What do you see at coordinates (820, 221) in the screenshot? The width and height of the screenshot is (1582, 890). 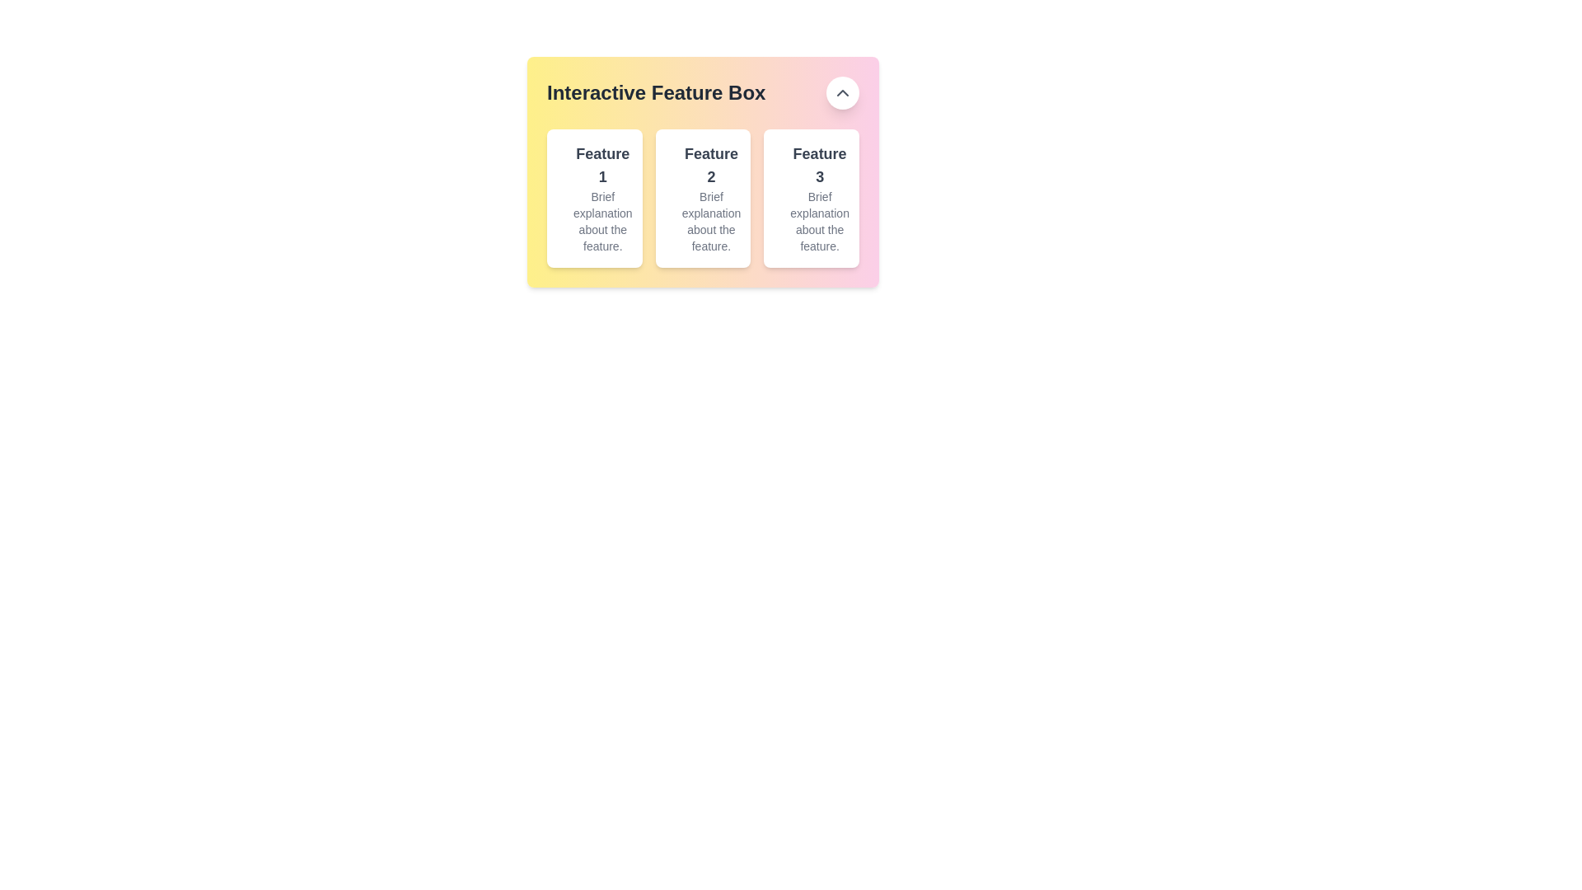 I see `the informational text that provides additional information about 'Feature 3', which is located within the box labeled 'Feature 3'` at bounding box center [820, 221].